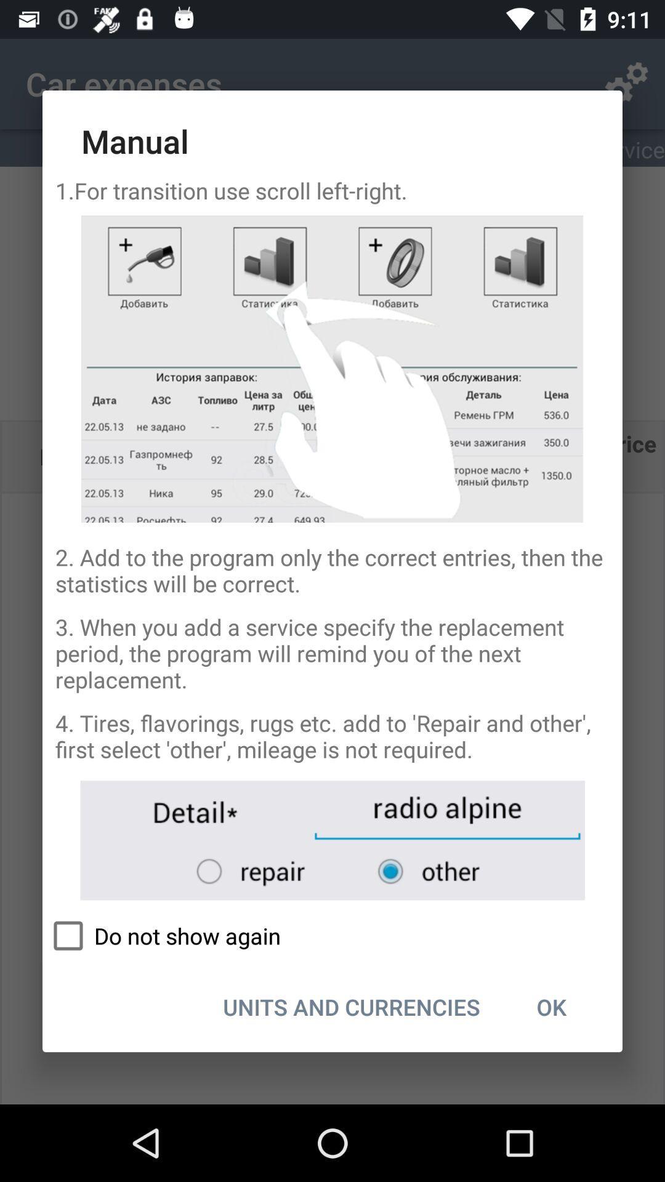  I want to click on ok item, so click(550, 1007).